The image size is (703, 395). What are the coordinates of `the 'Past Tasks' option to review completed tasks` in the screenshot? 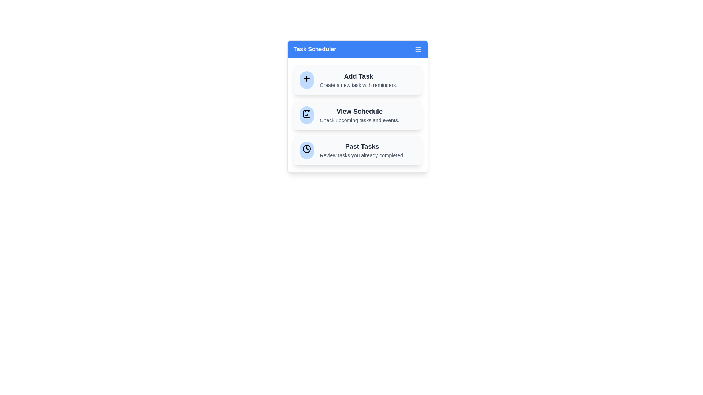 It's located at (357, 150).